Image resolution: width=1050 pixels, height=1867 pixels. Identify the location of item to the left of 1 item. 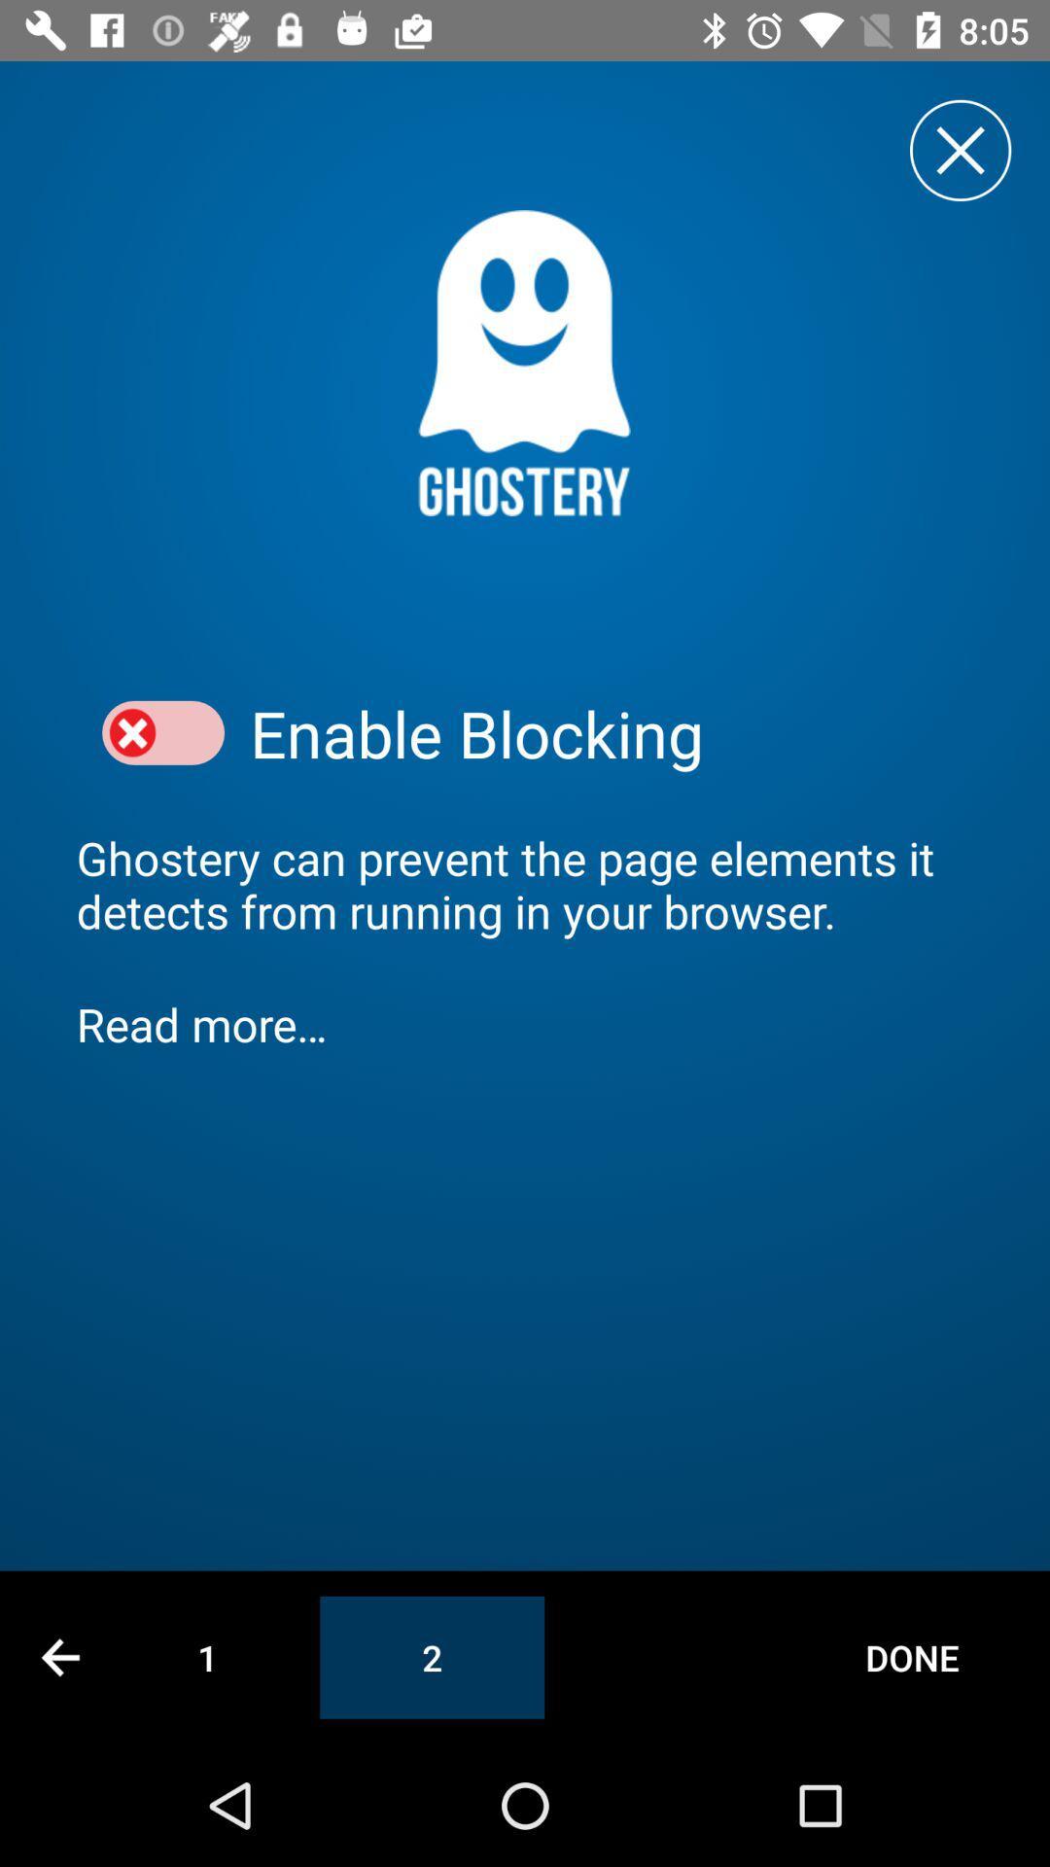
(59, 1656).